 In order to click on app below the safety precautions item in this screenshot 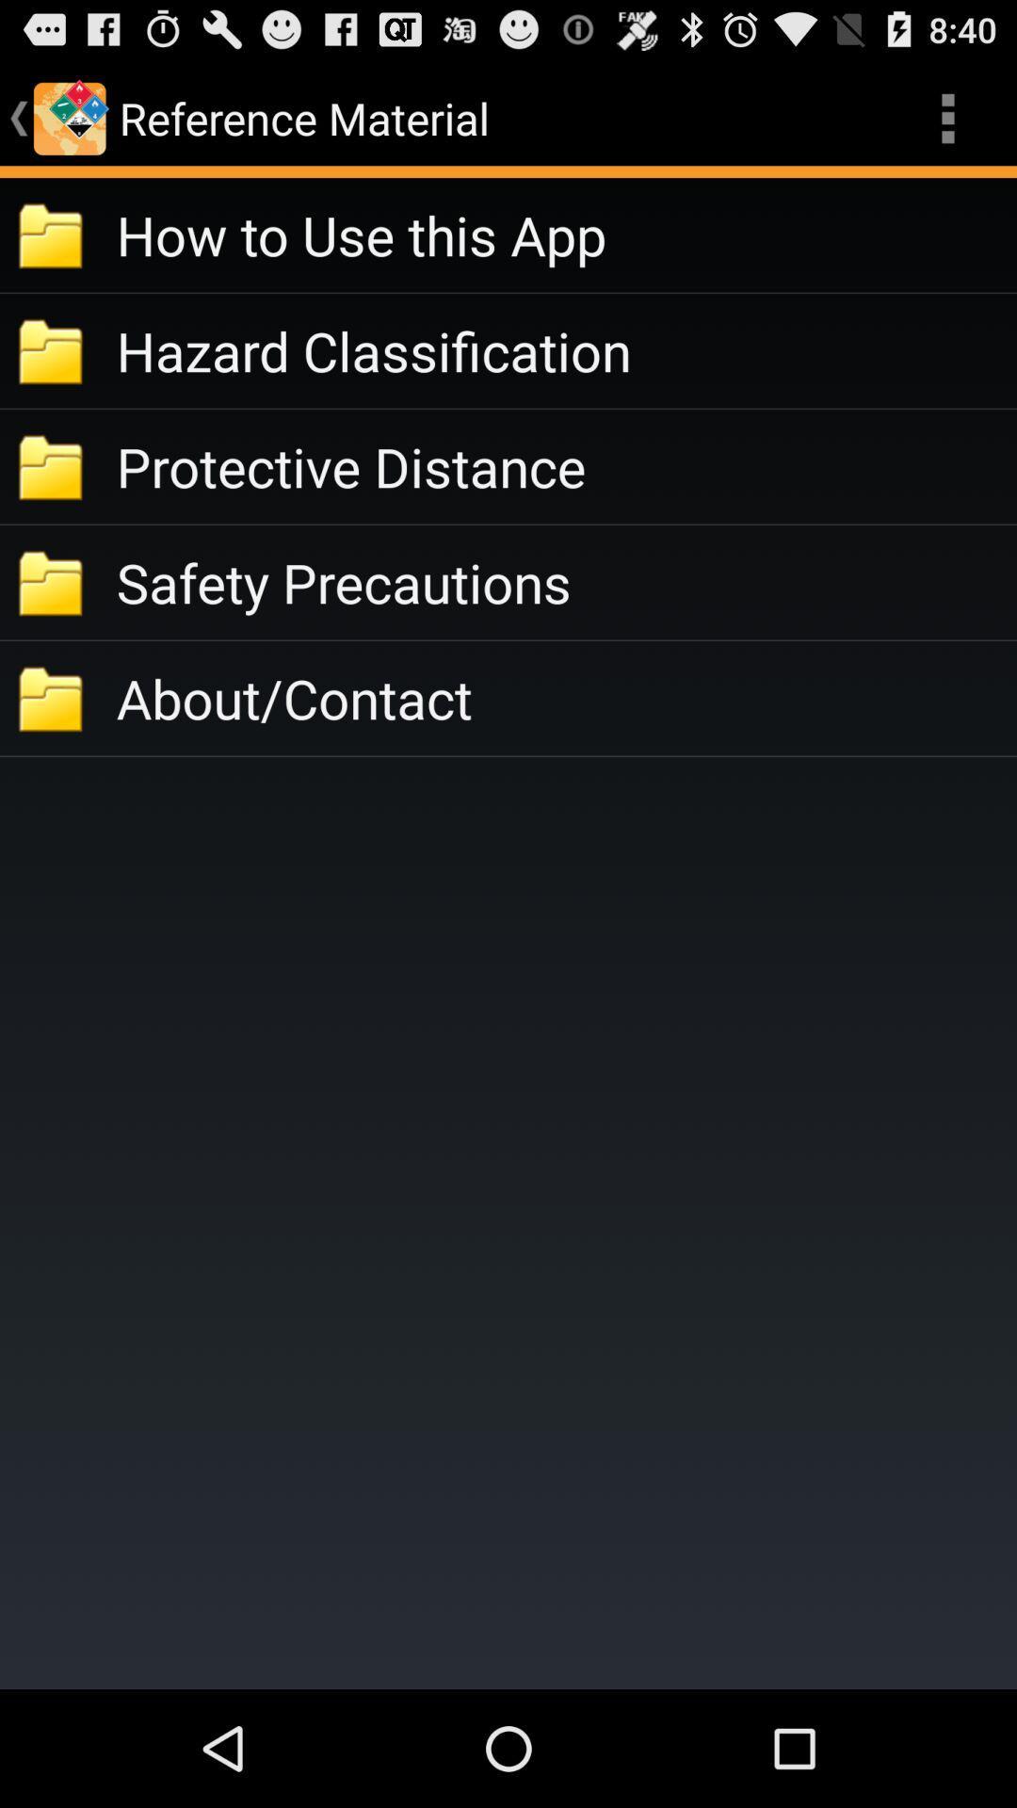, I will do `click(565, 697)`.